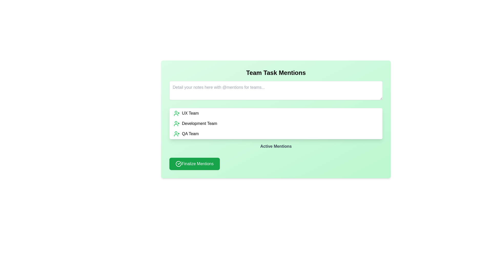 Image resolution: width=492 pixels, height=277 pixels. Describe the element at coordinates (275, 147) in the screenshot. I see `the Text label that serves as a title for the mentions section, located below the list of team mentions and above the 'Finalize Mentions' button` at that location.